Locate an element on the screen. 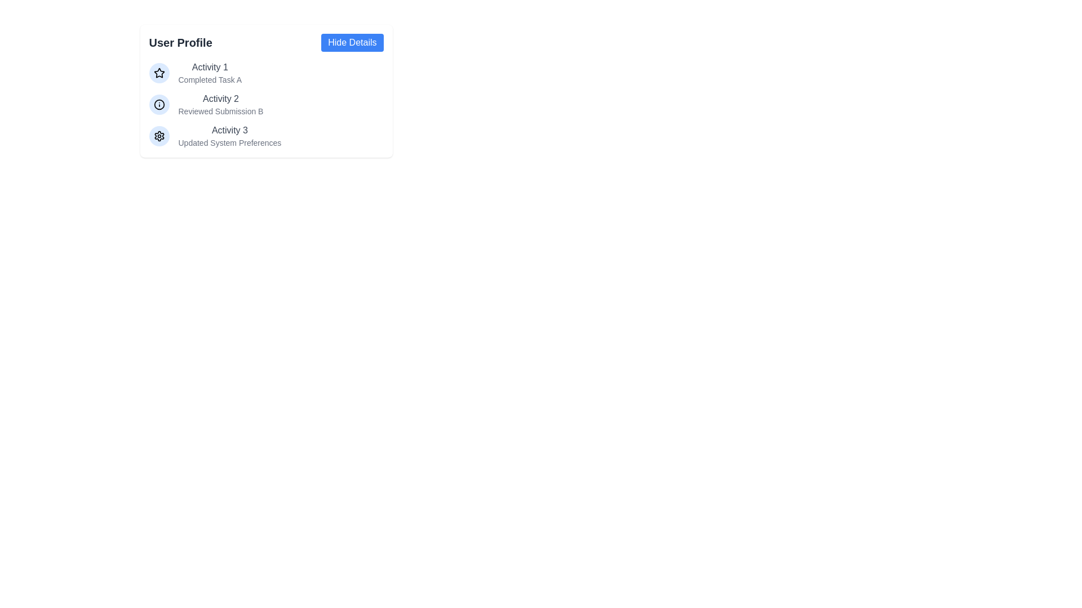  the Text component labeled 'Activity 2' which has supporting description 'Reviewed Submission B' located in the 'User Profile' section is located at coordinates (221, 104).